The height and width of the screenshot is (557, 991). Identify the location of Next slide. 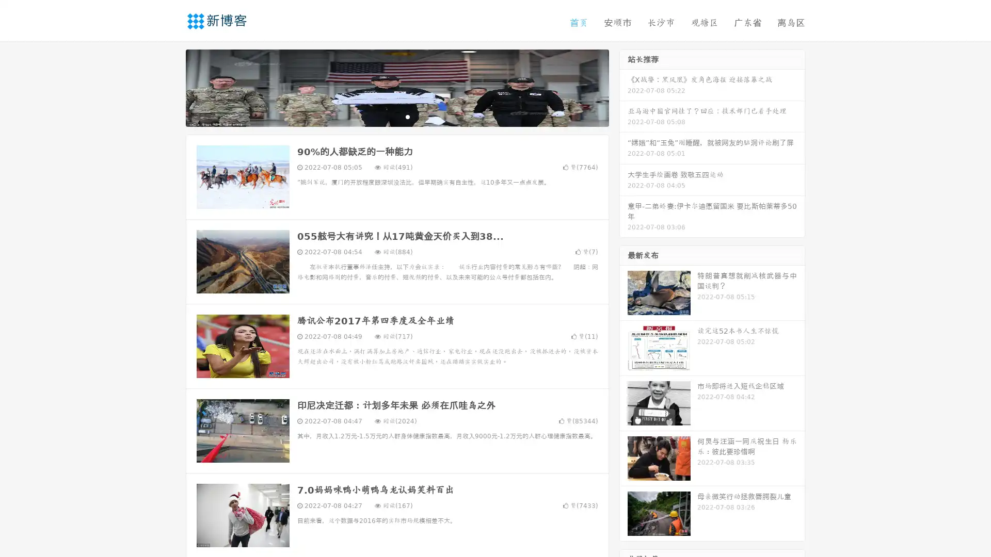
(624, 87).